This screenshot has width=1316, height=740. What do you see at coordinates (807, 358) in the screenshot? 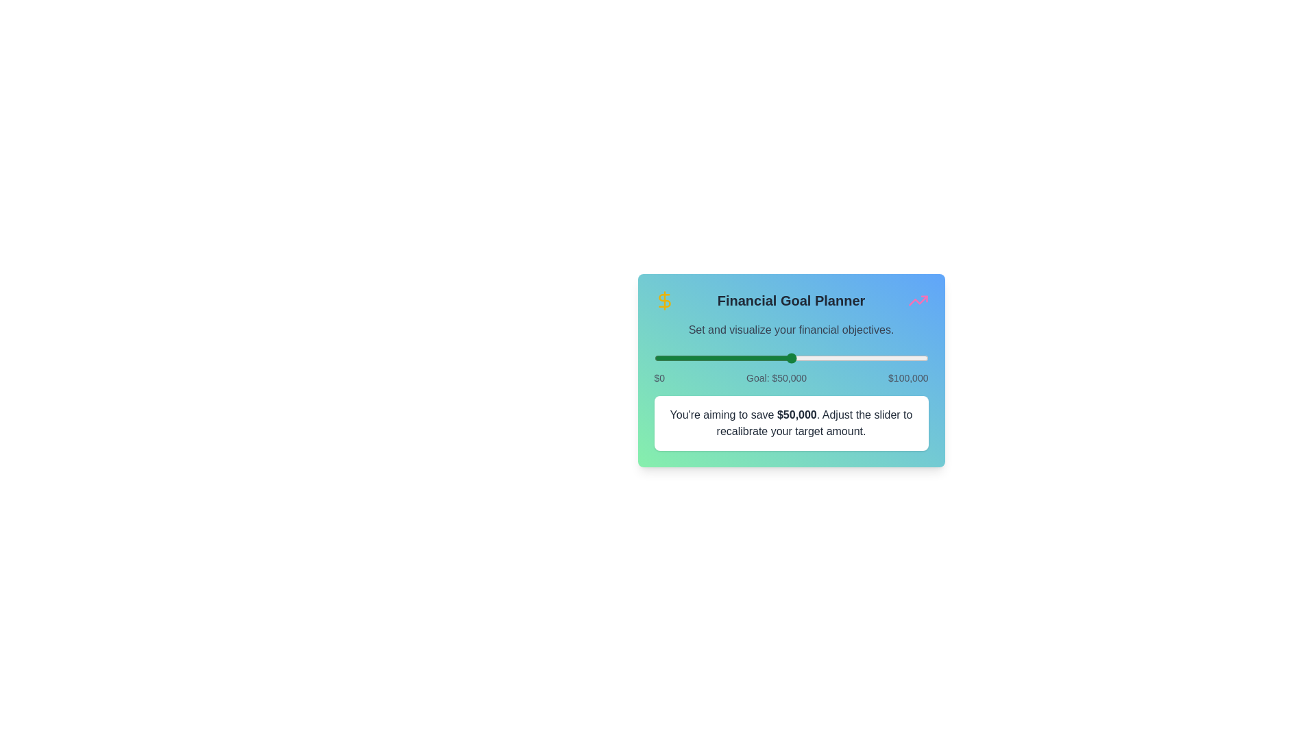
I see `the slider to set the financial goal to 55967 dollars` at bounding box center [807, 358].